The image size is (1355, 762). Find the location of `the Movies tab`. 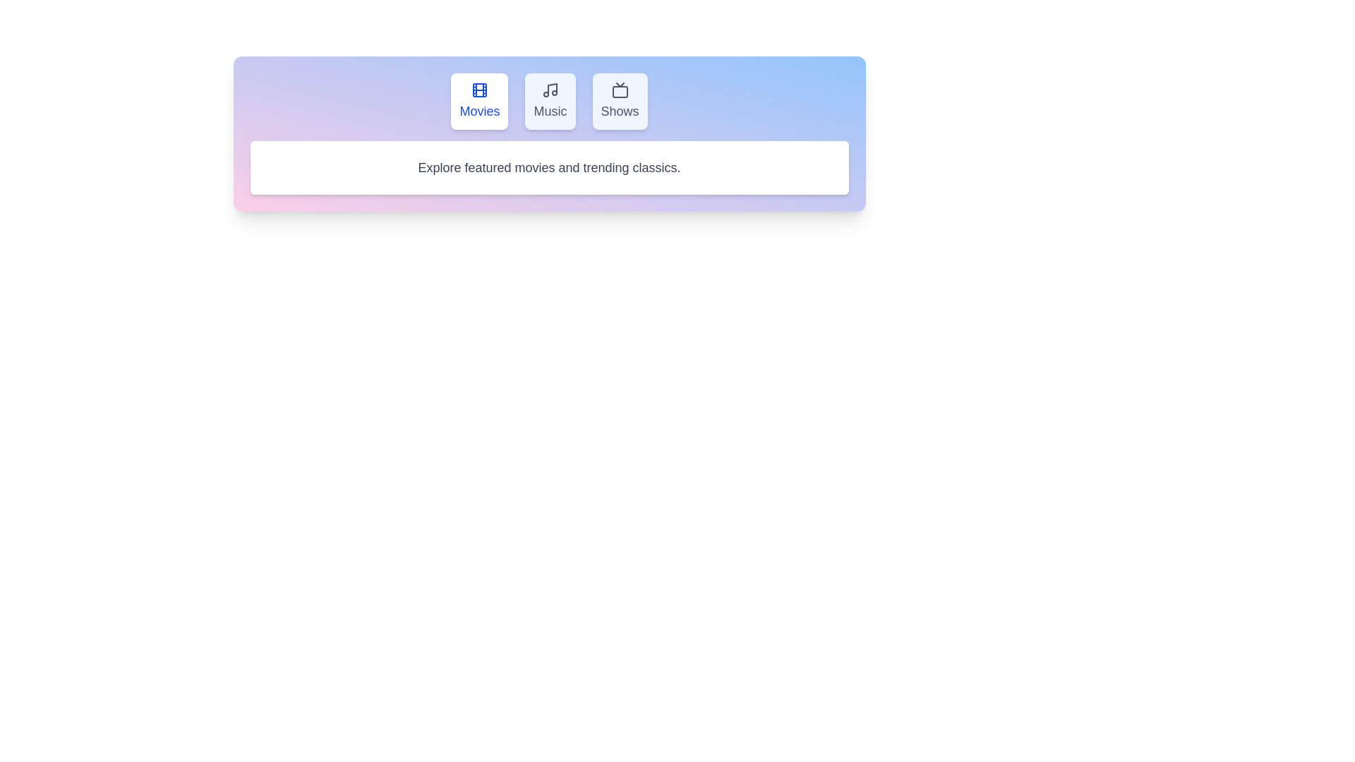

the Movies tab is located at coordinates (480, 100).